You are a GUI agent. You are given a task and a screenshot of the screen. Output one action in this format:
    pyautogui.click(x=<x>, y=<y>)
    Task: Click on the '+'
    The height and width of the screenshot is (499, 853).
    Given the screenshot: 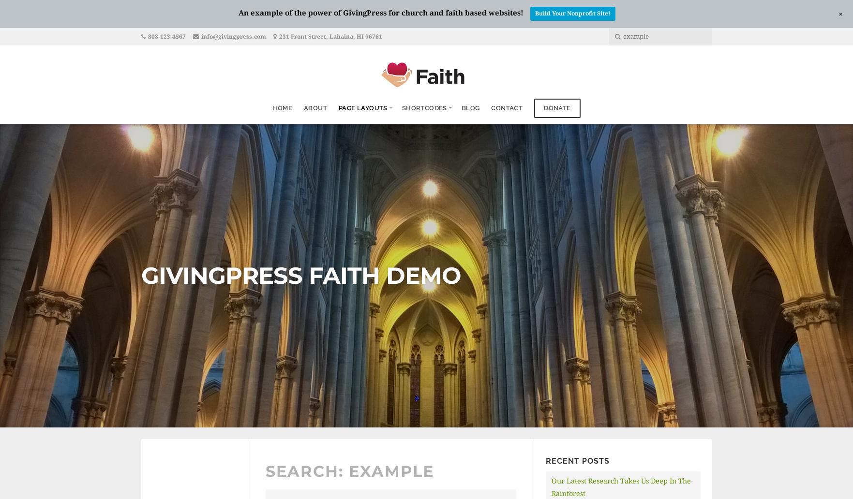 What is the action you would take?
    pyautogui.click(x=840, y=13)
    